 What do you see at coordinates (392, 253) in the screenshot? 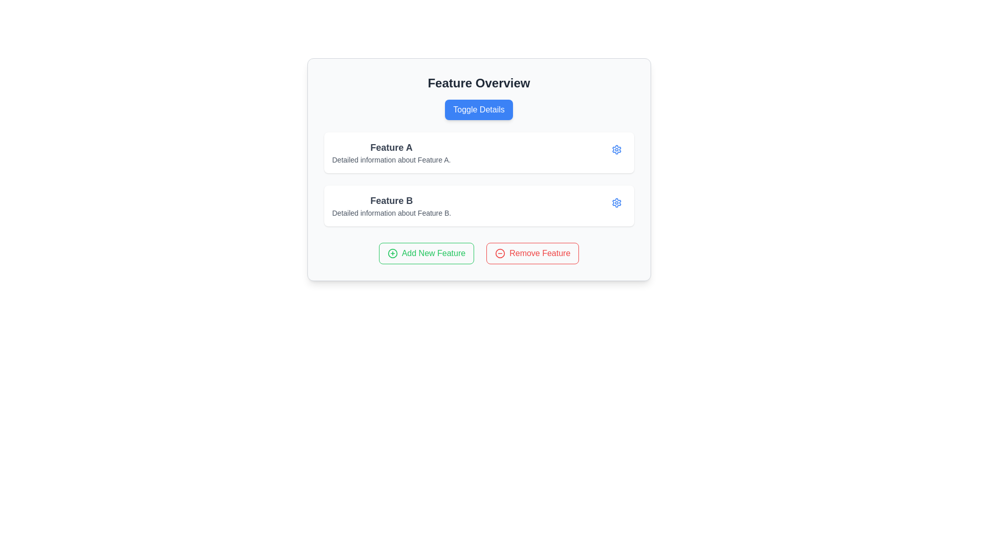
I see `the green outlined circular icon with a '+' symbol located inside the 'Add New Feature' button at the bottom left` at bounding box center [392, 253].